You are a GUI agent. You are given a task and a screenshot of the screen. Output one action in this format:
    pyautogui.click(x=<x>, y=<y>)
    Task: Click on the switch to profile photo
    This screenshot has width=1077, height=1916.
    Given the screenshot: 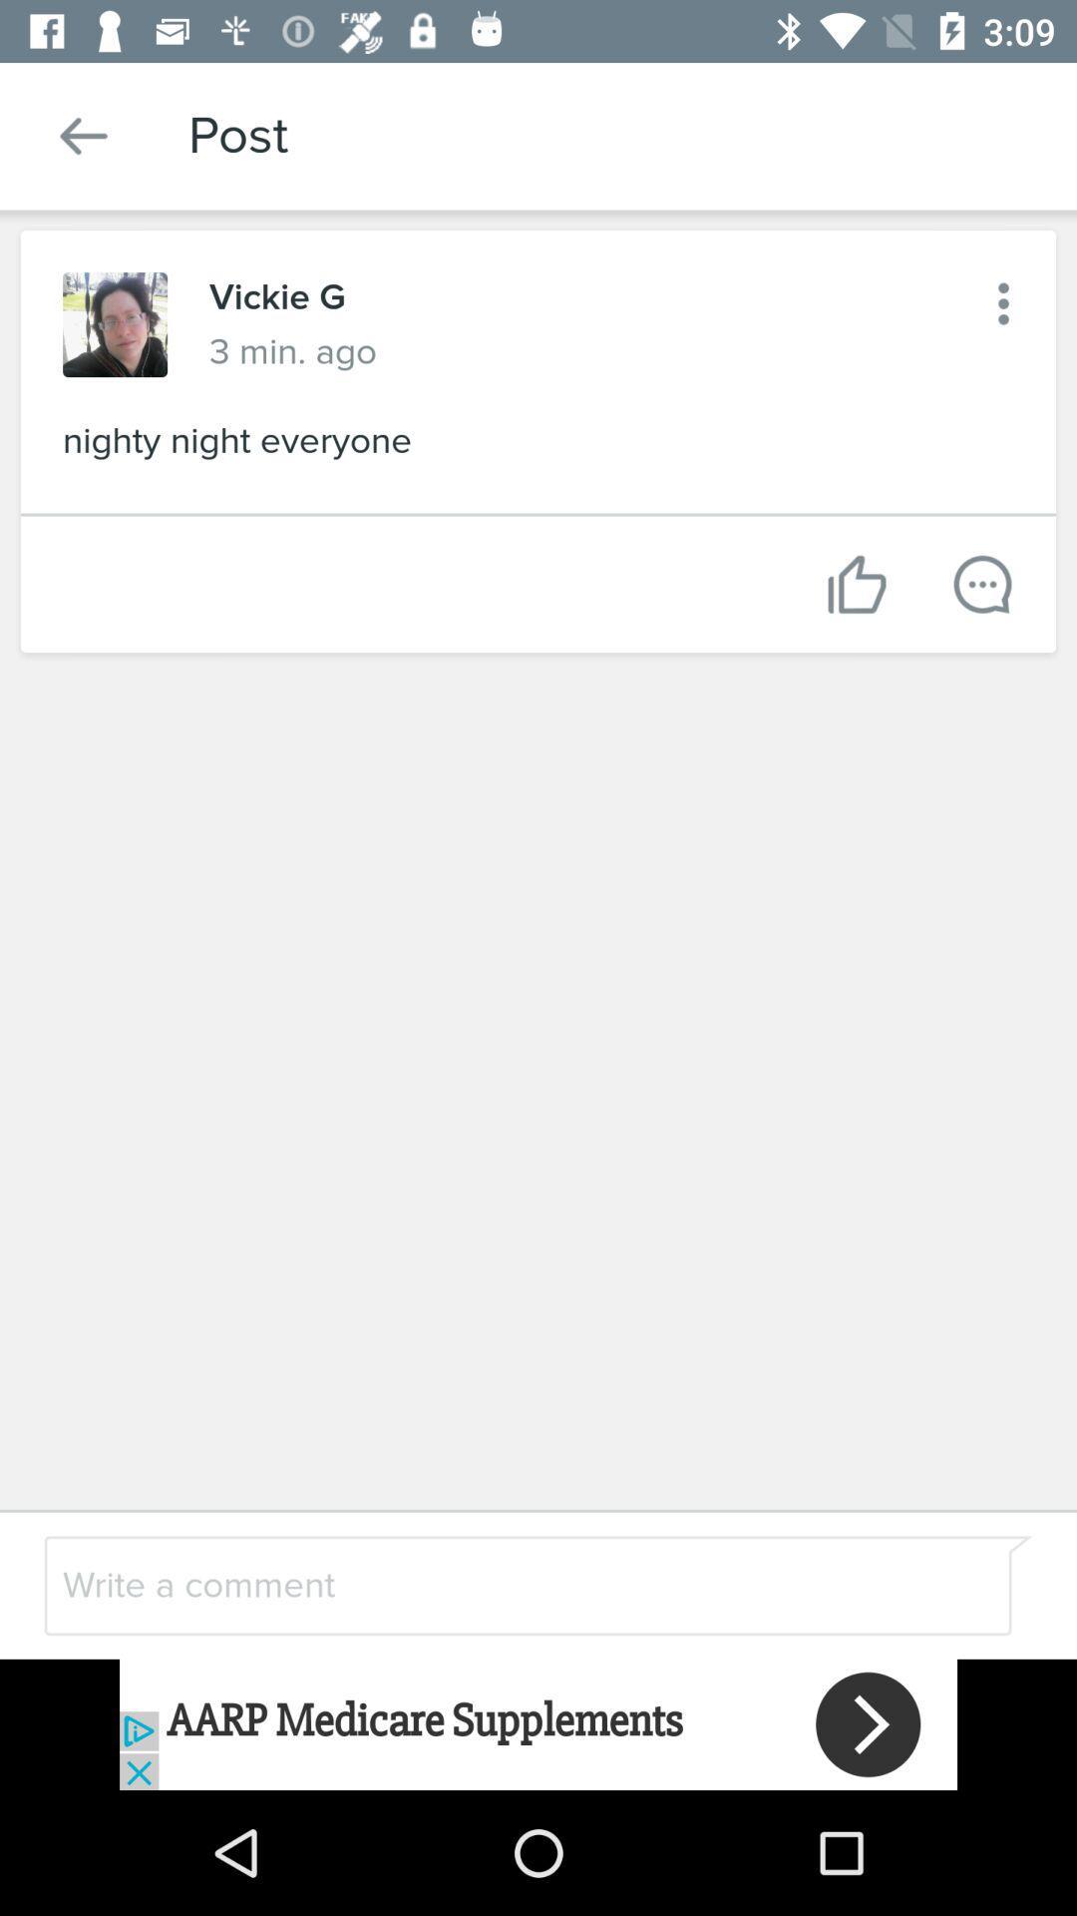 What is the action you would take?
    pyautogui.click(x=115, y=324)
    